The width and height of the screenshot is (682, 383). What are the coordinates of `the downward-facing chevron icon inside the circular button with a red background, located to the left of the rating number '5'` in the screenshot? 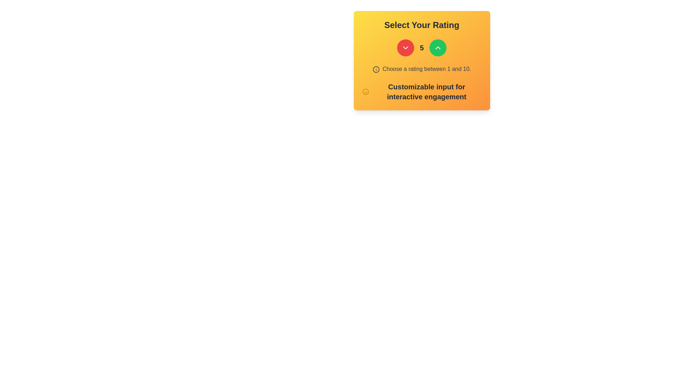 It's located at (406, 48).